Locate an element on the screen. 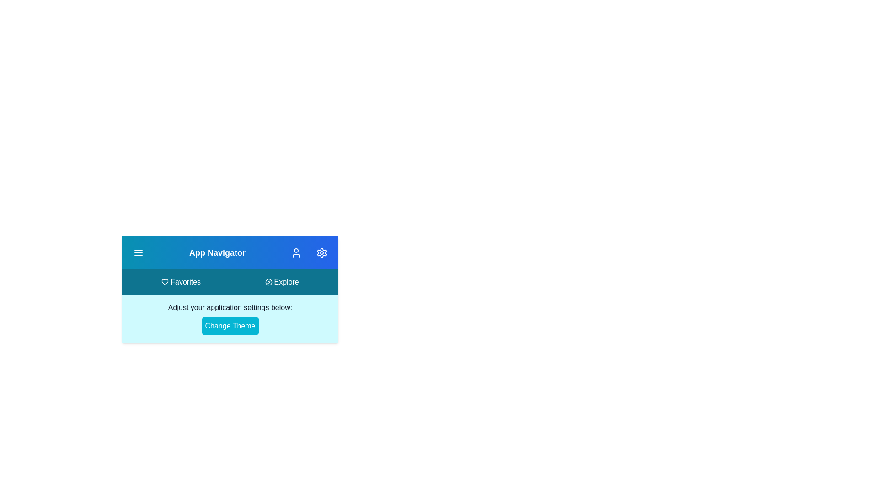 The width and height of the screenshot is (878, 494). the heart-shaped icon in dark teal color located next to the text 'Favorites' is located at coordinates (165, 282).